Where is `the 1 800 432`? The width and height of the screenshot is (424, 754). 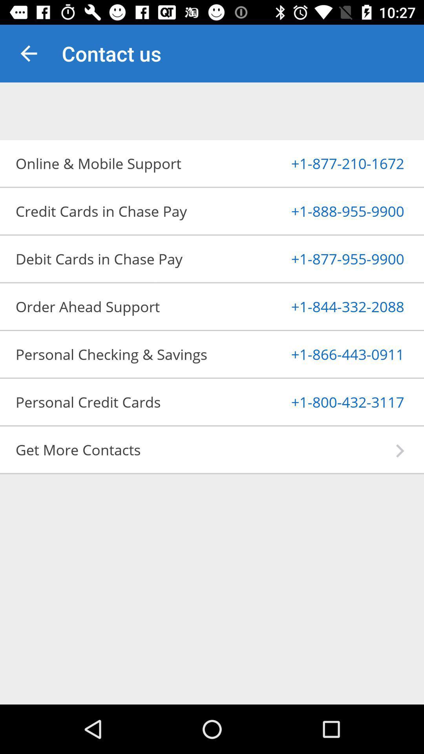
the 1 800 432 is located at coordinates (329, 402).